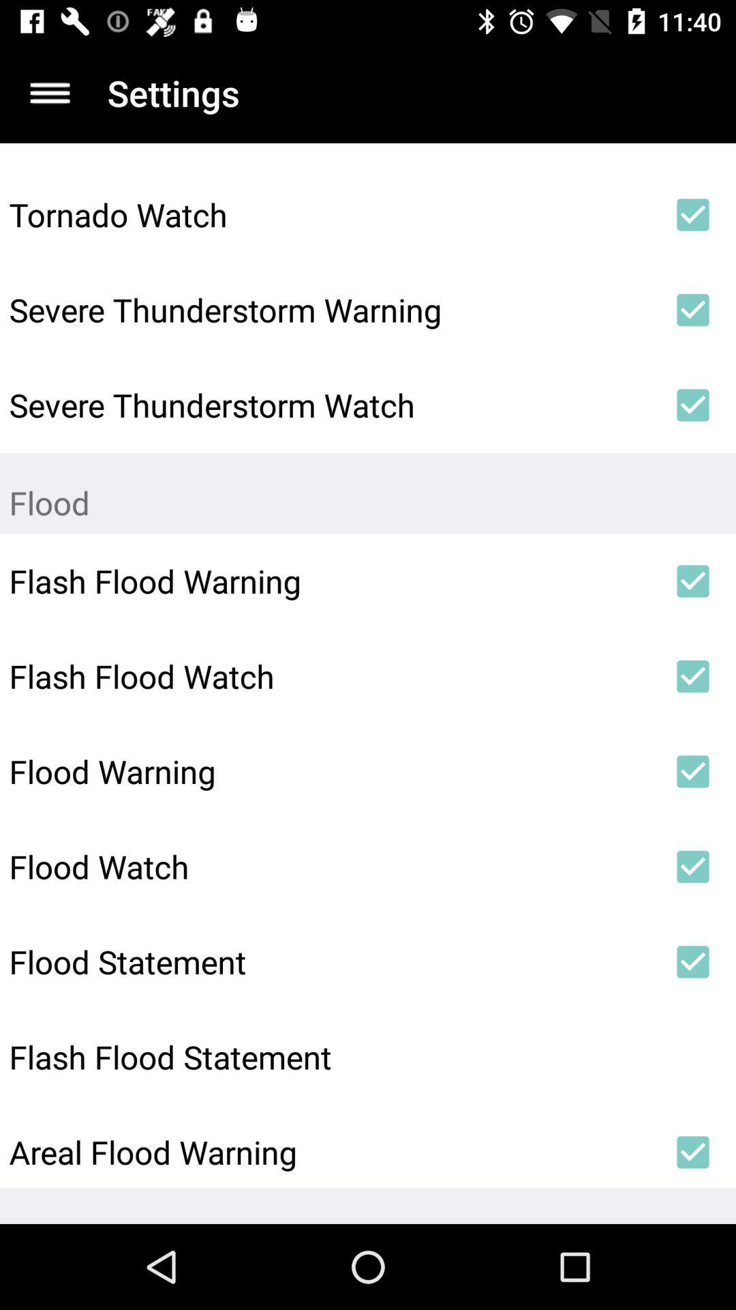 This screenshot has width=736, height=1310. Describe the element at coordinates (49, 92) in the screenshot. I see `item to the left of the settings icon` at that location.